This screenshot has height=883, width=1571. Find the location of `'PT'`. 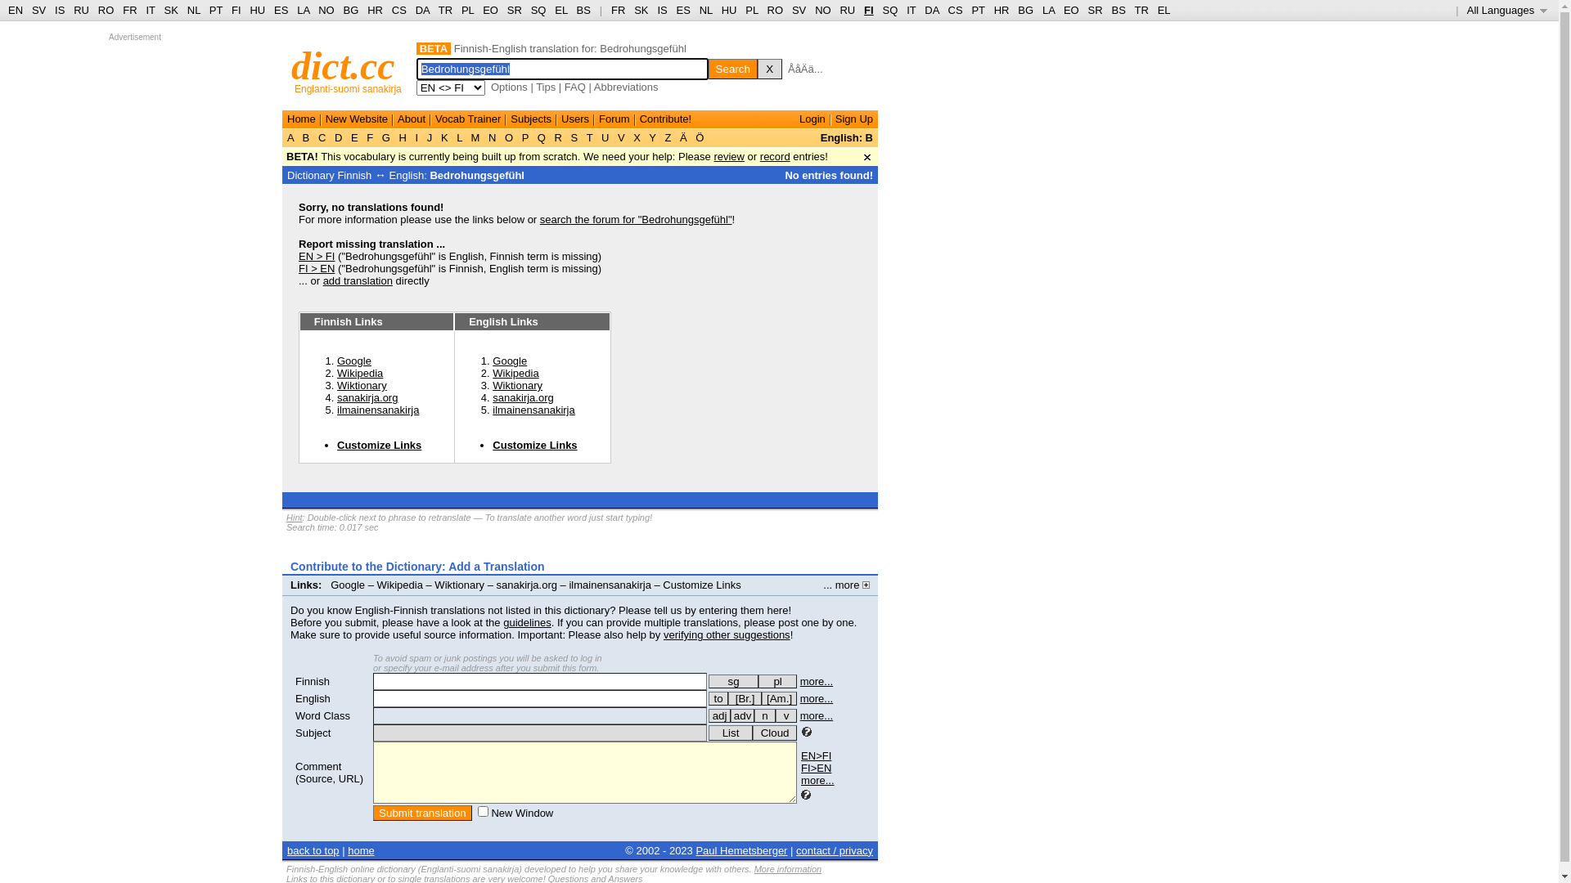

'PT' is located at coordinates (978, 10).